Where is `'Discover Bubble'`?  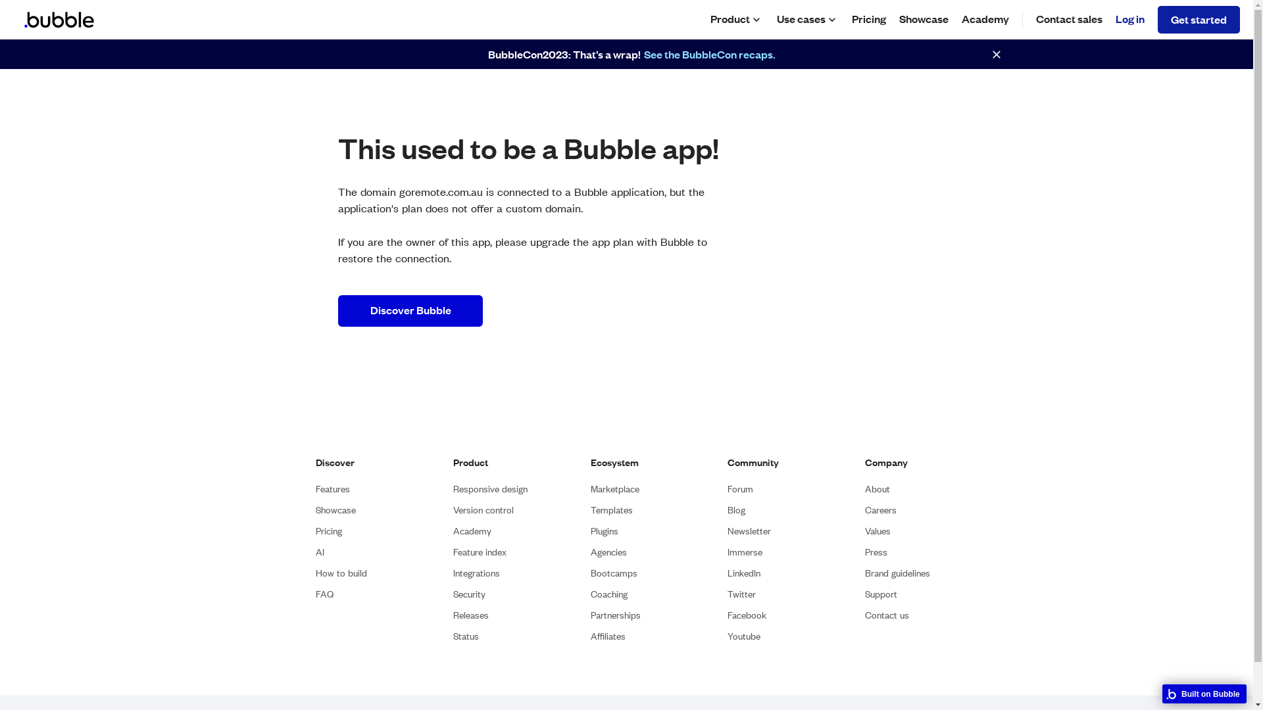 'Discover Bubble' is located at coordinates (410, 311).